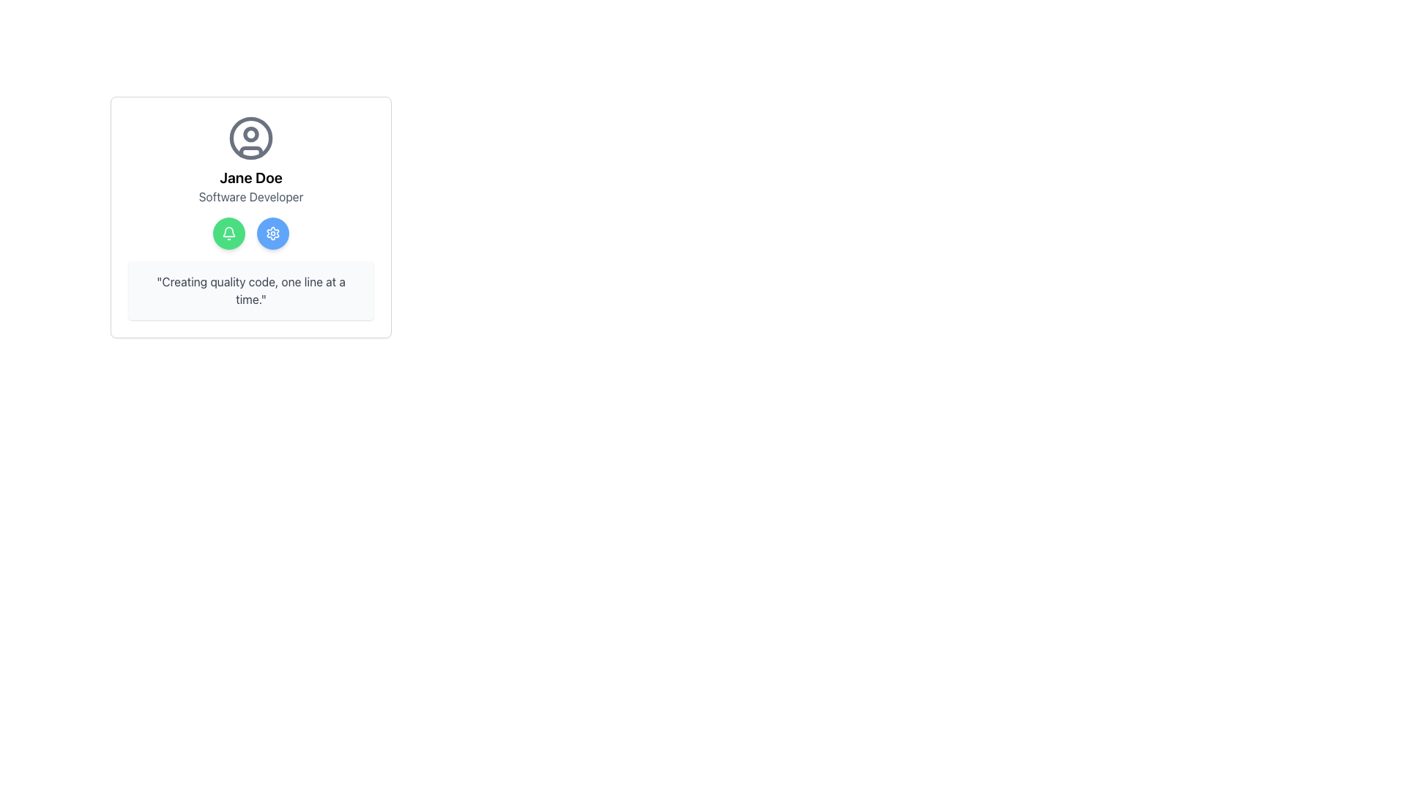  Describe the element at coordinates (273, 233) in the screenshot. I see `the settings button, which is the second circular button from the left located below the user profile information, to observe the scaling effect` at that location.